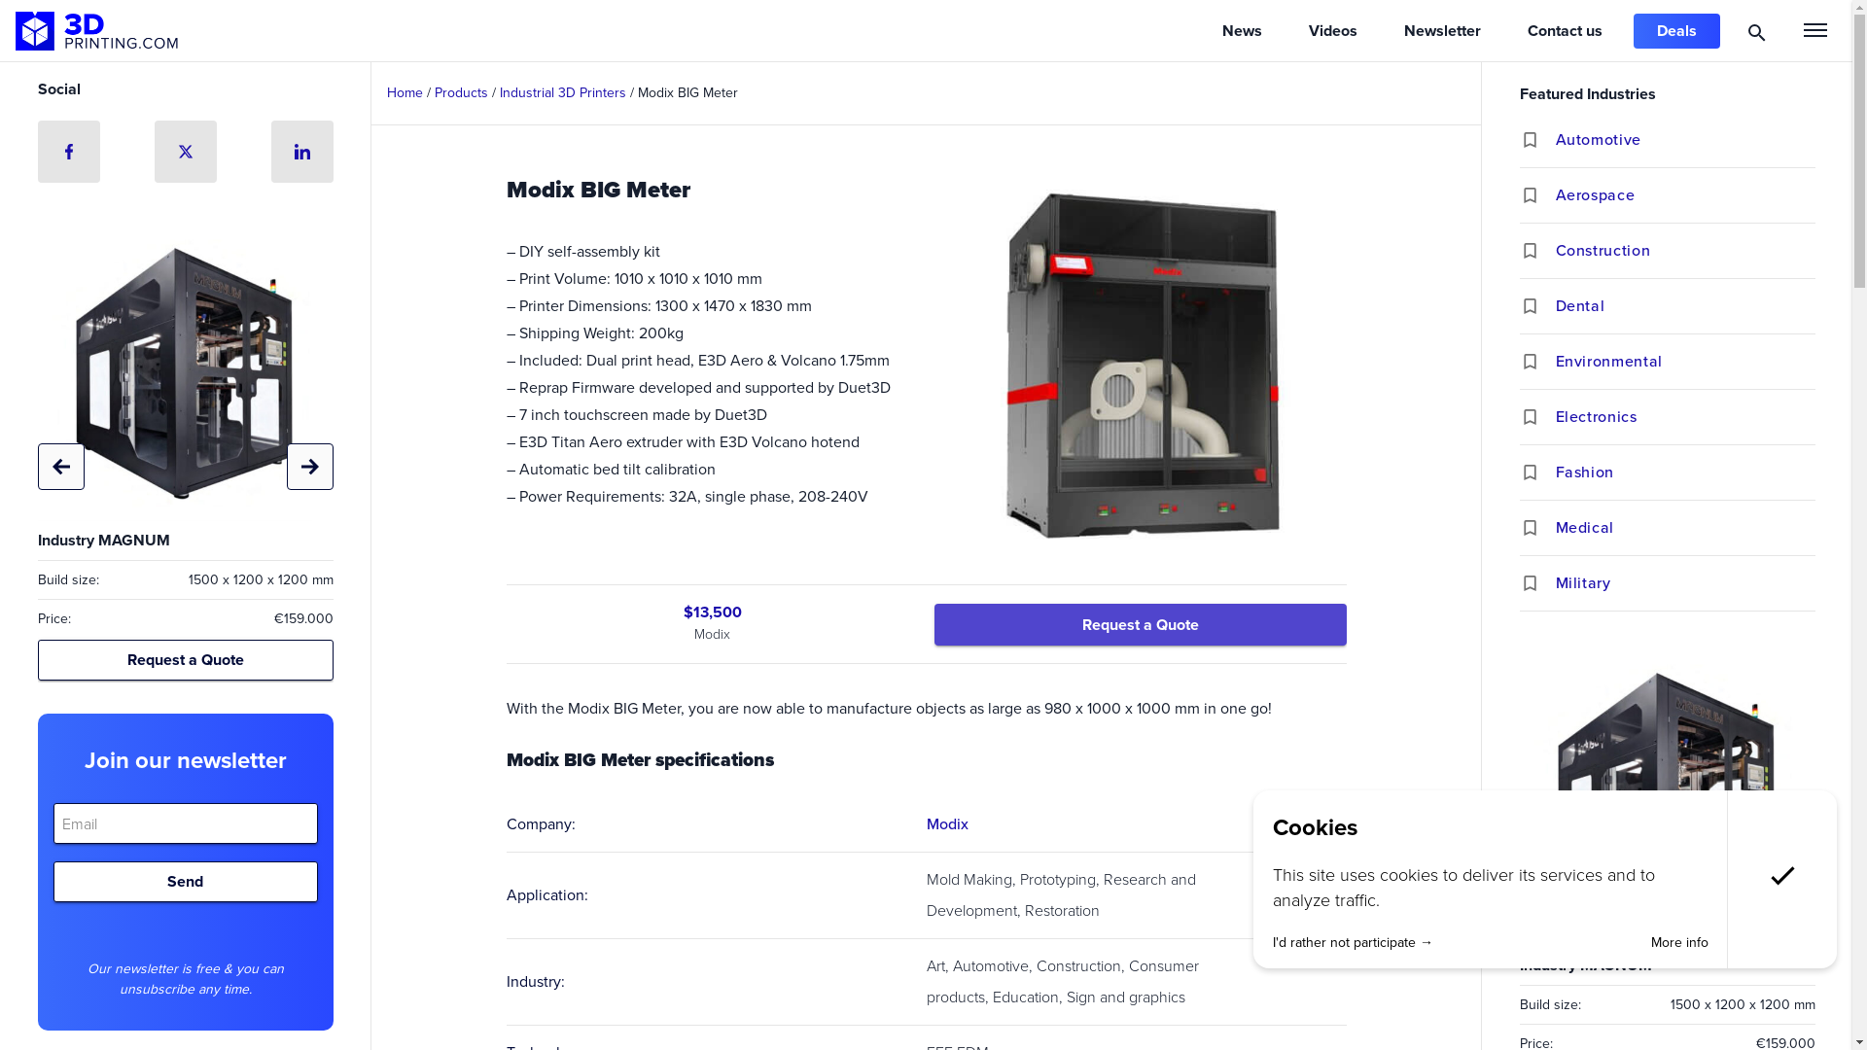 The width and height of the screenshot is (1867, 1050). Describe the element at coordinates (1678, 941) in the screenshot. I see `'More info'` at that location.